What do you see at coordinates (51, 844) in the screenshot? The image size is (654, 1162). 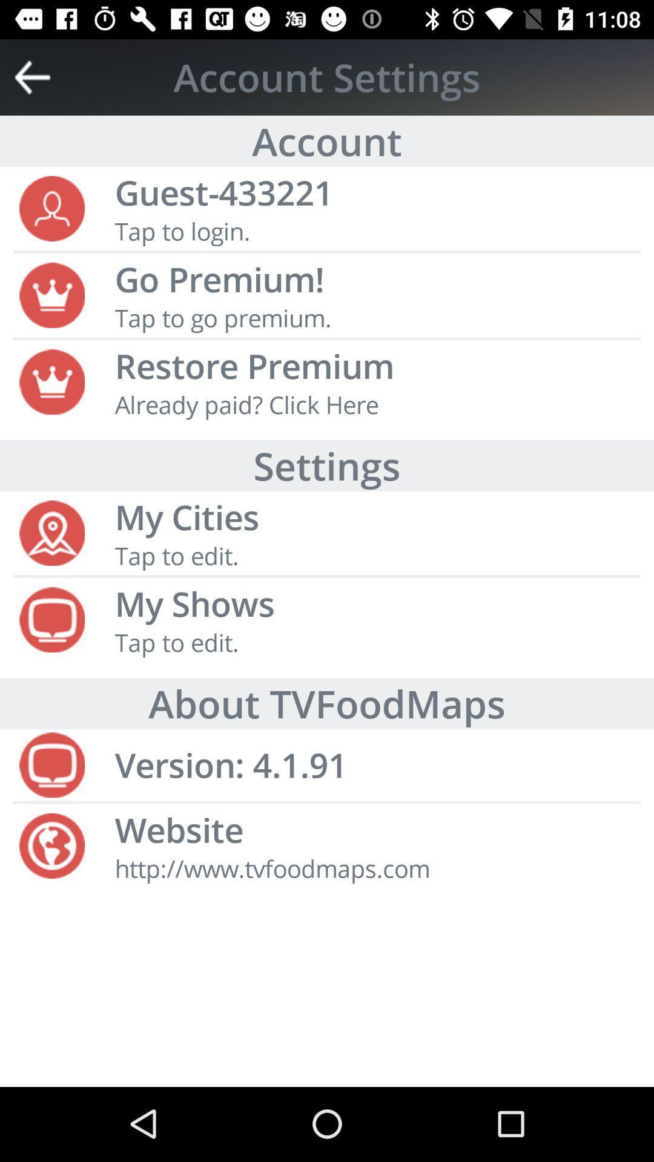 I see `the globe icon` at bounding box center [51, 844].